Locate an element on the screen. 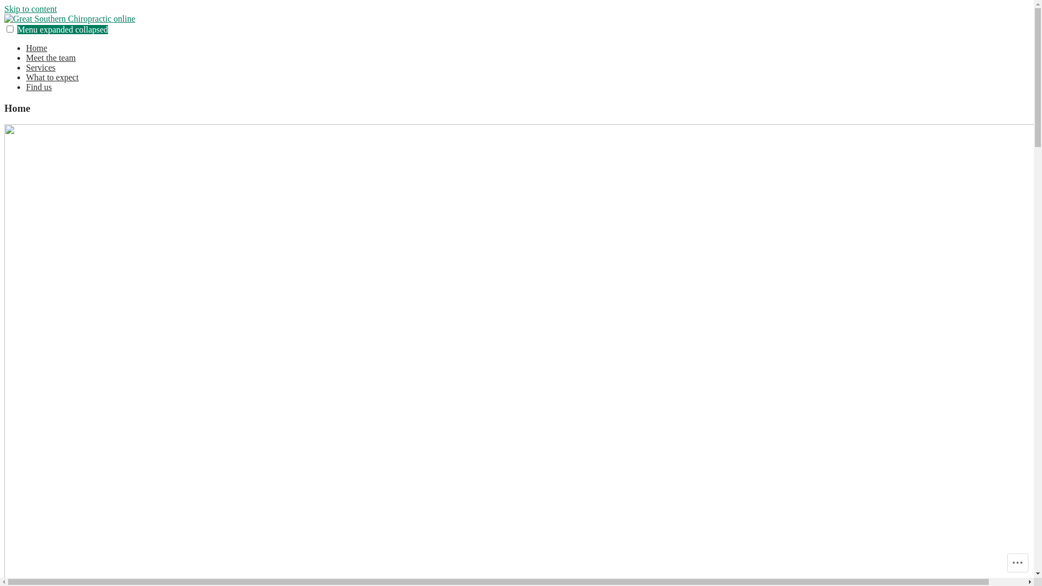 The image size is (1042, 586). 'Services' is located at coordinates (41, 67).